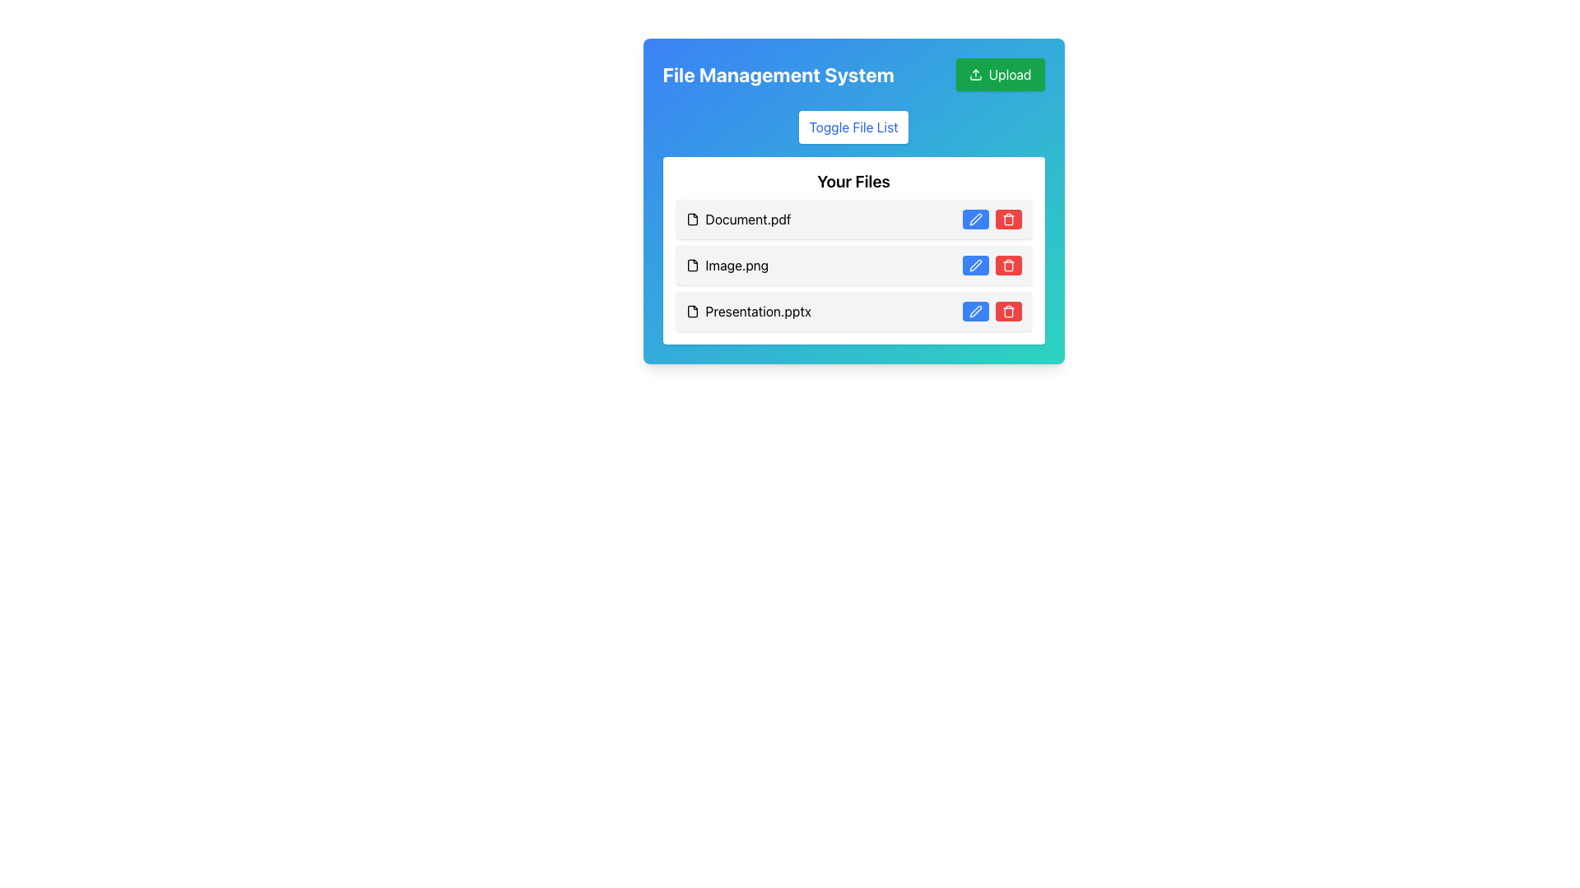 The height and width of the screenshot is (888, 1580). Describe the element at coordinates (726, 265) in the screenshot. I see `the file icon and text 'Image.png'` at that location.